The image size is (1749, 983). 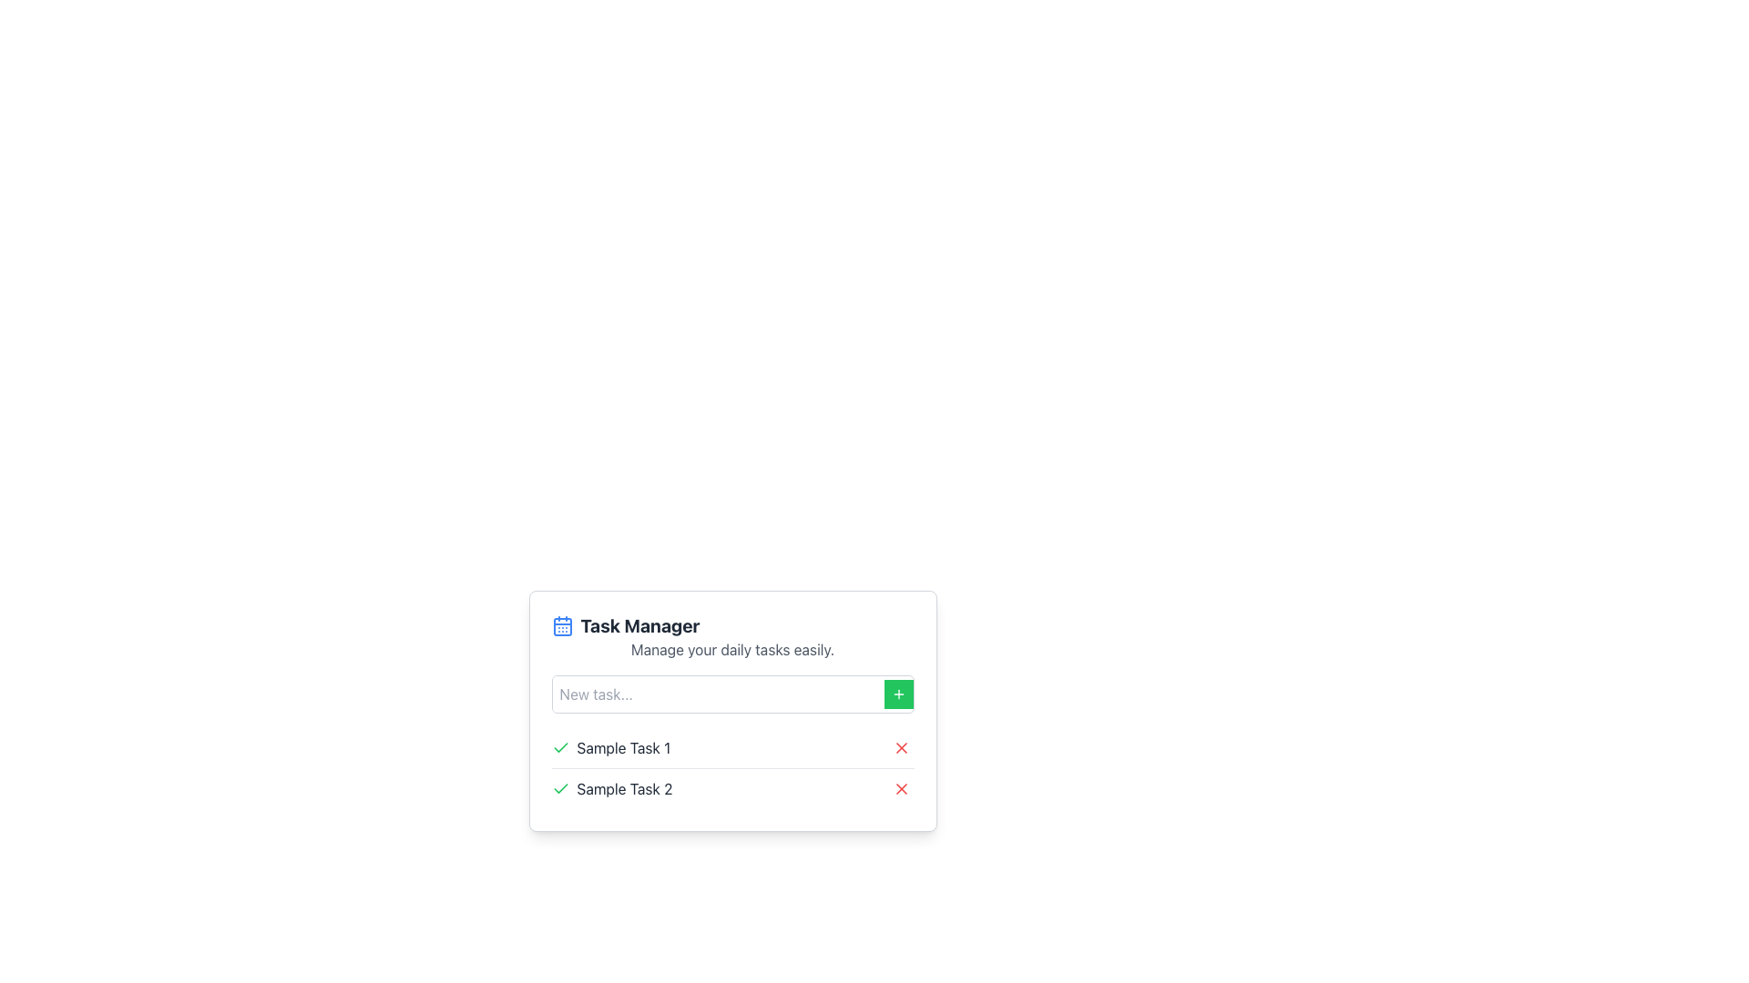 I want to click on the green rectangular button with a white plus icon, positioned to the right of the 'New task...' input field, so click(x=898, y=694).